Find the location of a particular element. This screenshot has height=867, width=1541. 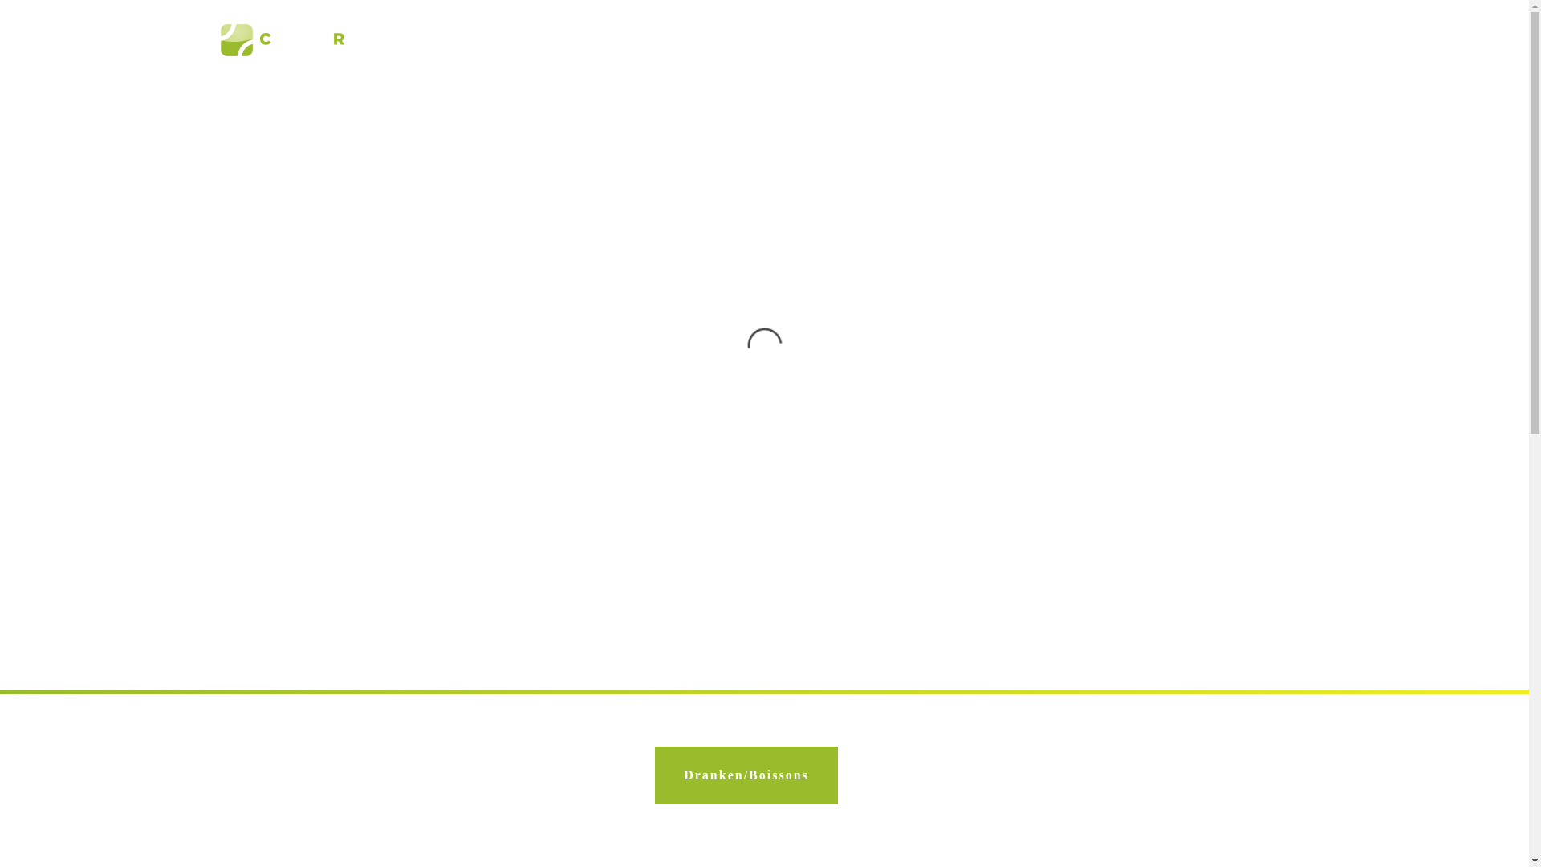

'LICENTIE TENNIS VLAANDEREN' is located at coordinates (906, 39).